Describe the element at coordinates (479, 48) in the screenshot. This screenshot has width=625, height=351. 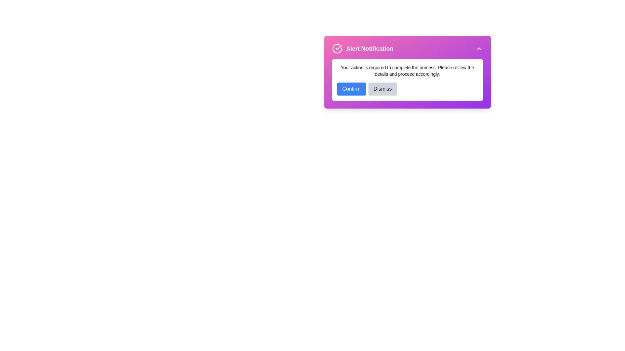
I see `collapse button to collapse the alert` at that location.